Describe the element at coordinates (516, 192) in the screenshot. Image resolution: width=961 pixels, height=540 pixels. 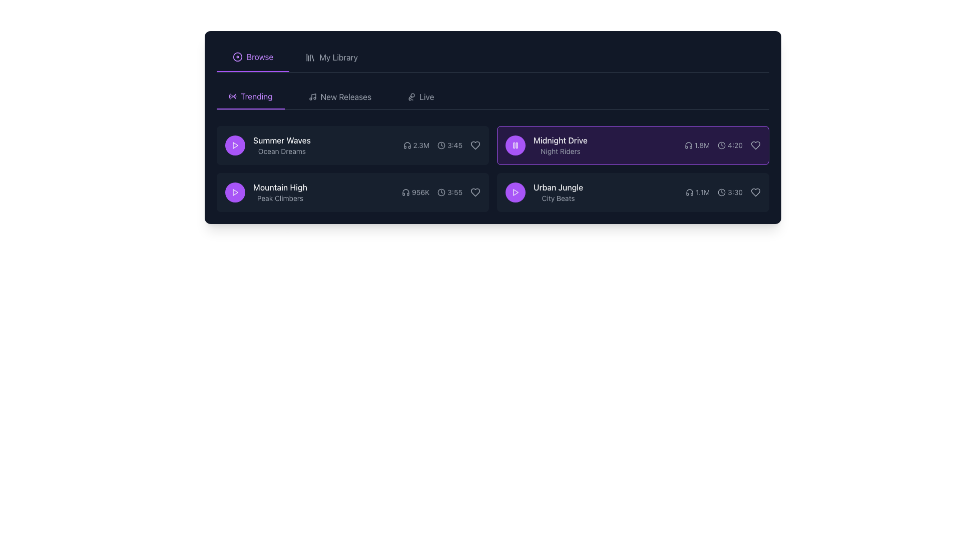
I see `the button to play the track 'Urban Jungle', located in the right section of the interface, aligned with the text 'Urban Jungle' and 'City Beats'` at that location.